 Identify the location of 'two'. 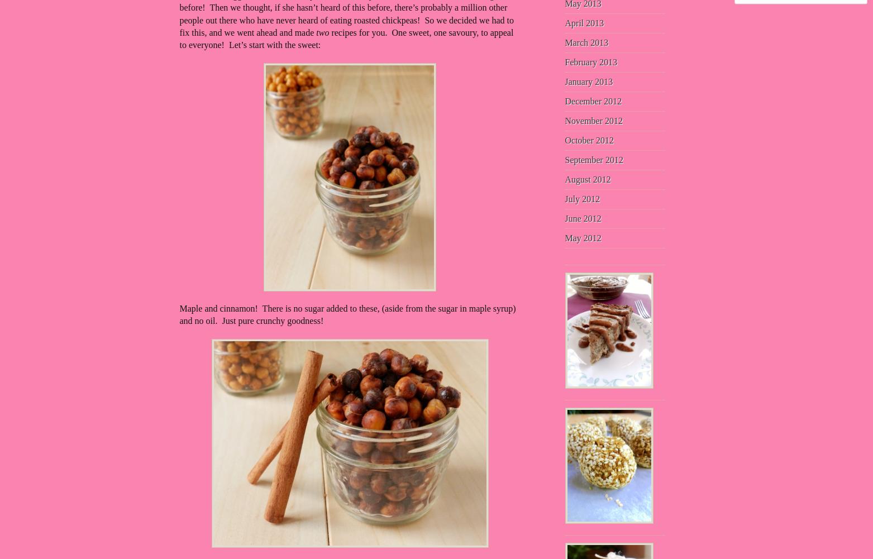
(315, 32).